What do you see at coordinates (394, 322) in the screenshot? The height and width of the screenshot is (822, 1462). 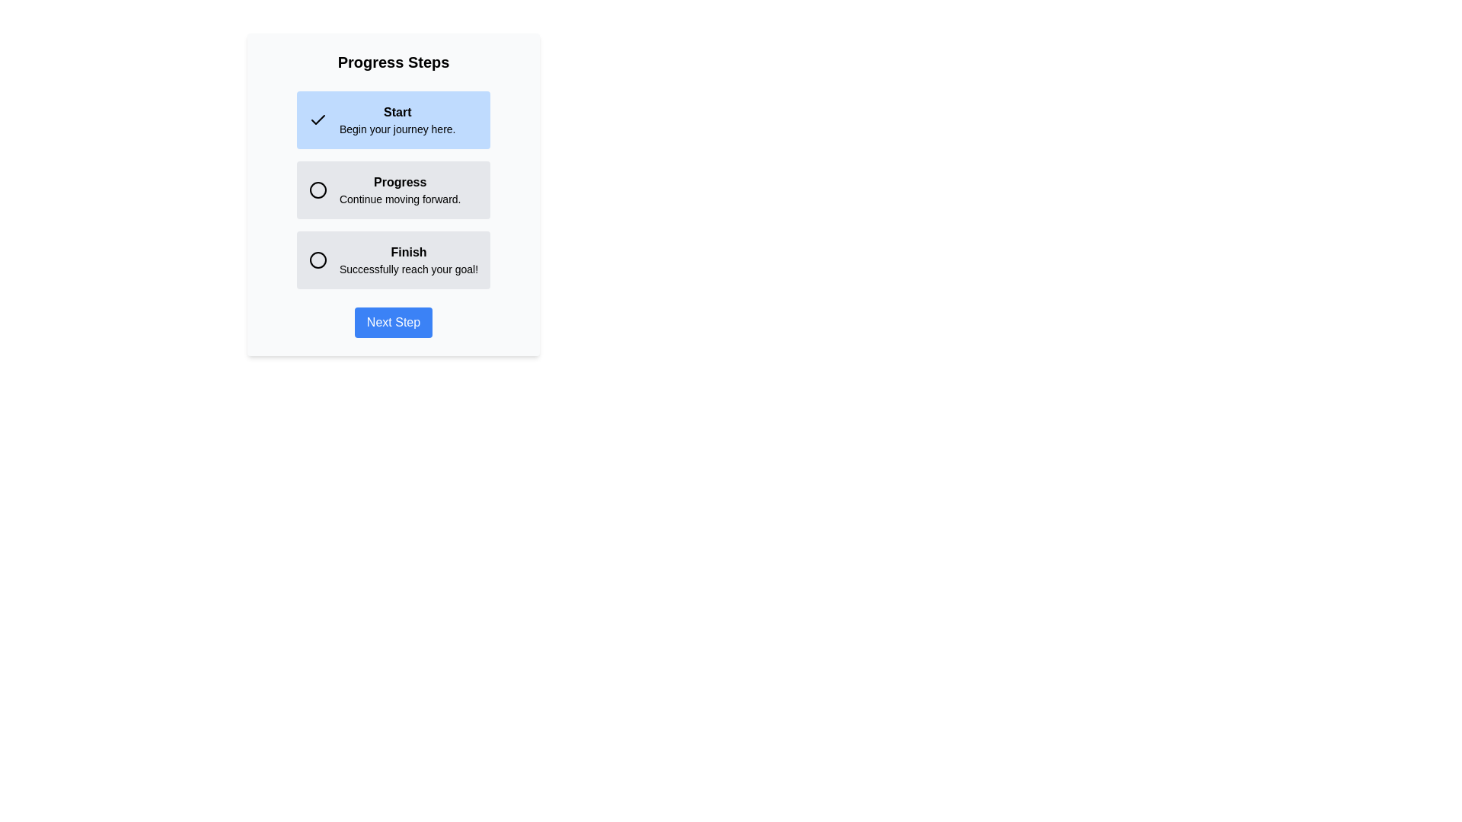 I see `the button at the bottom of the 'Progress Steps' component to change its appearance` at bounding box center [394, 322].